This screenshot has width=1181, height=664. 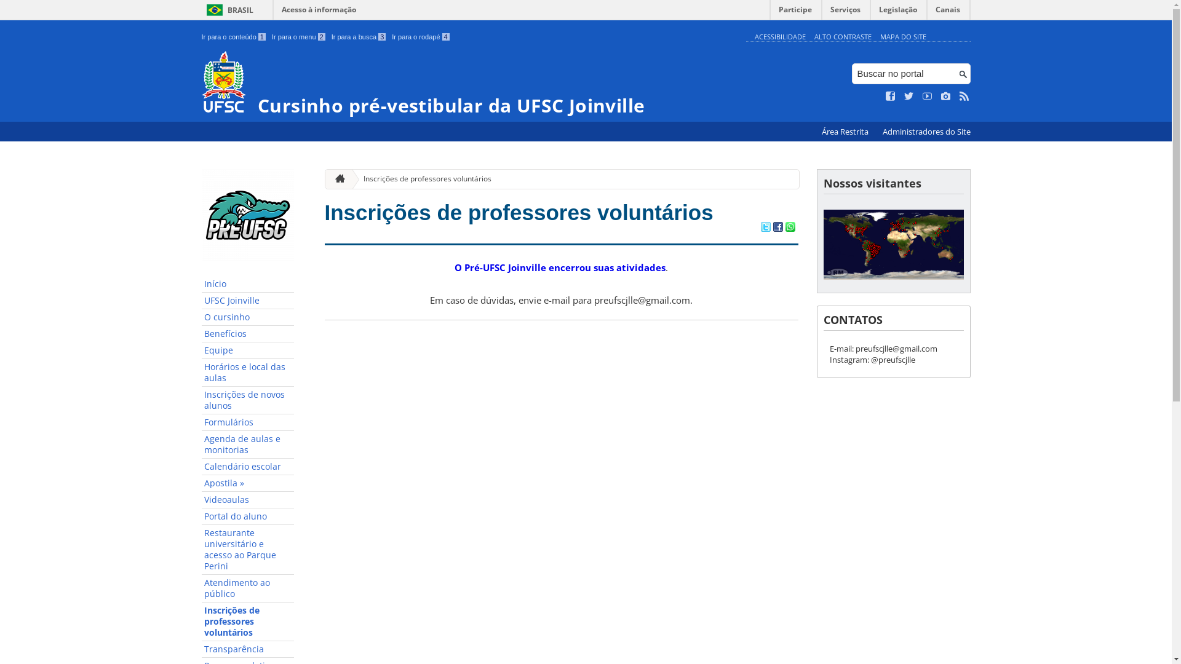 What do you see at coordinates (298, 36) in the screenshot?
I see `'Ir para o menu 2'` at bounding box center [298, 36].